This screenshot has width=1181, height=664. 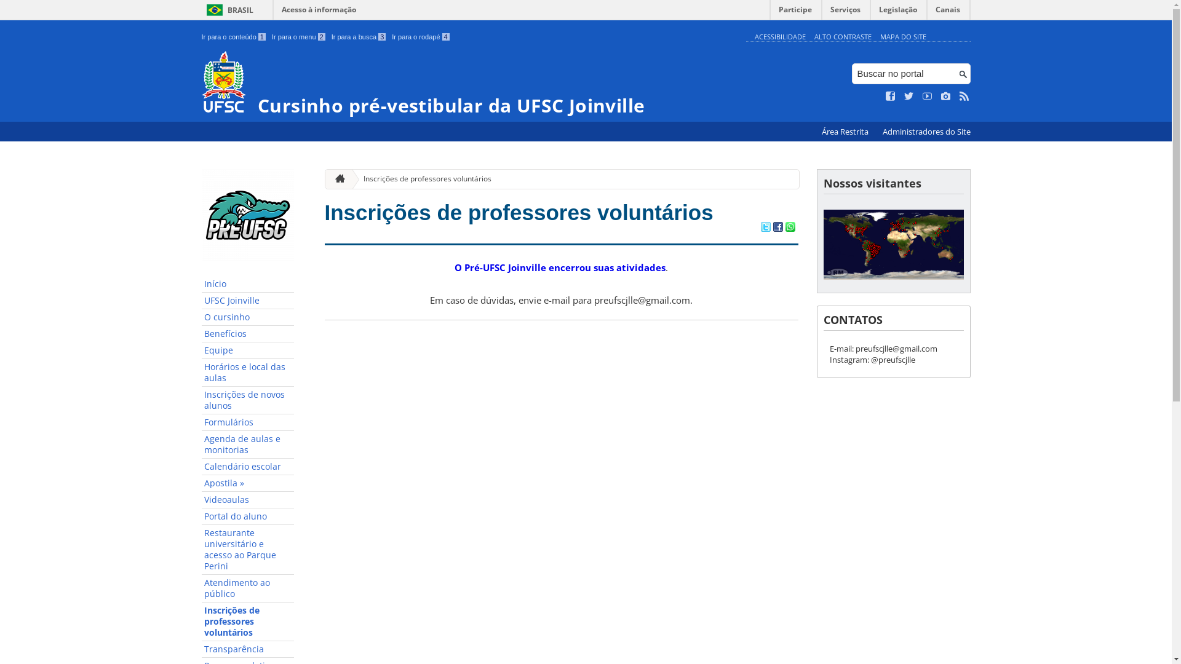 What do you see at coordinates (298, 36) in the screenshot?
I see `'Ir para o menu 2'` at bounding box center [298, 36].